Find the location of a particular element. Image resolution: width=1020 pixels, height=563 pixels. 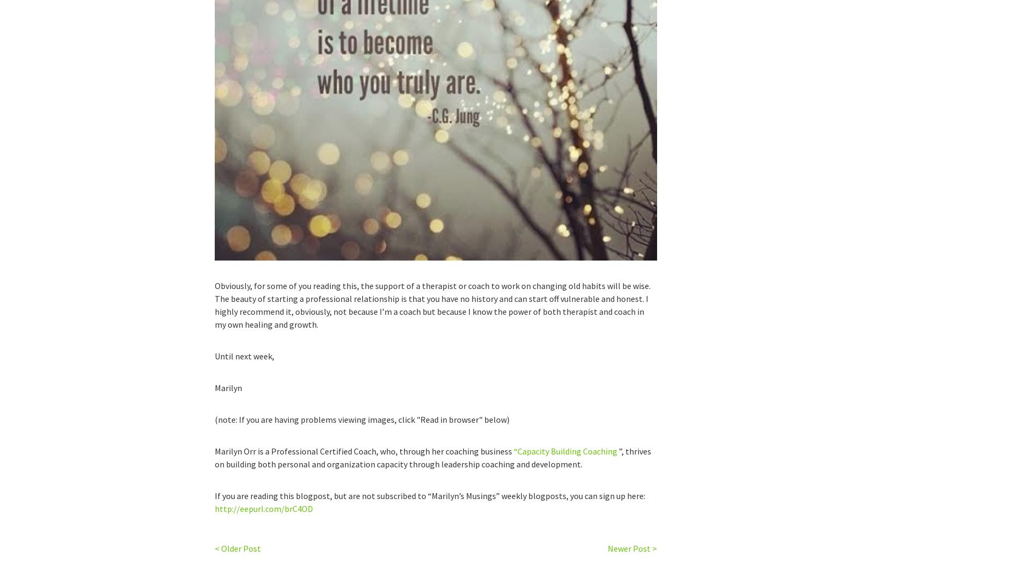

'If you are reading this blogpost, but are not subscribed to “Marilyn’s Musings” weekly blogposts, you can sign up here:' is located at coordinates (214, 495).